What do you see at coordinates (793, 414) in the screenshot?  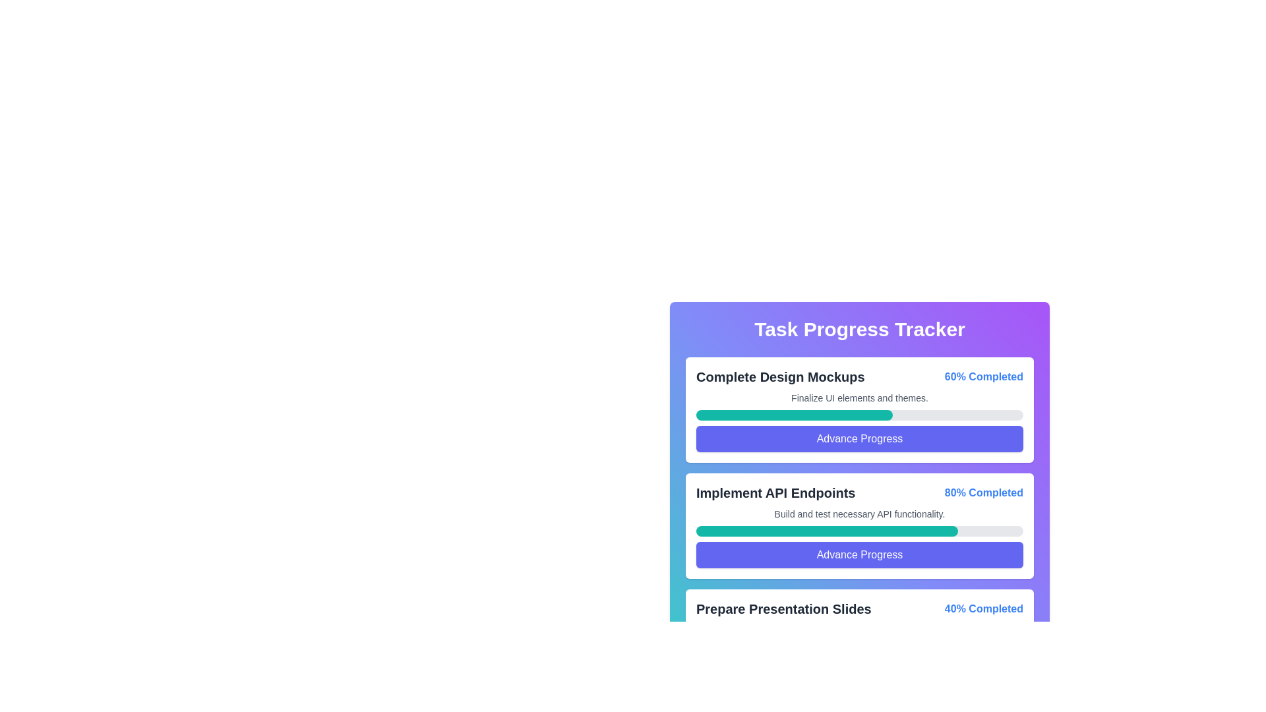 I see `the progress indicator bar that visually represents a 60% completion for the task 'Complete Design Mockups'` at bounding box center [793, 414].